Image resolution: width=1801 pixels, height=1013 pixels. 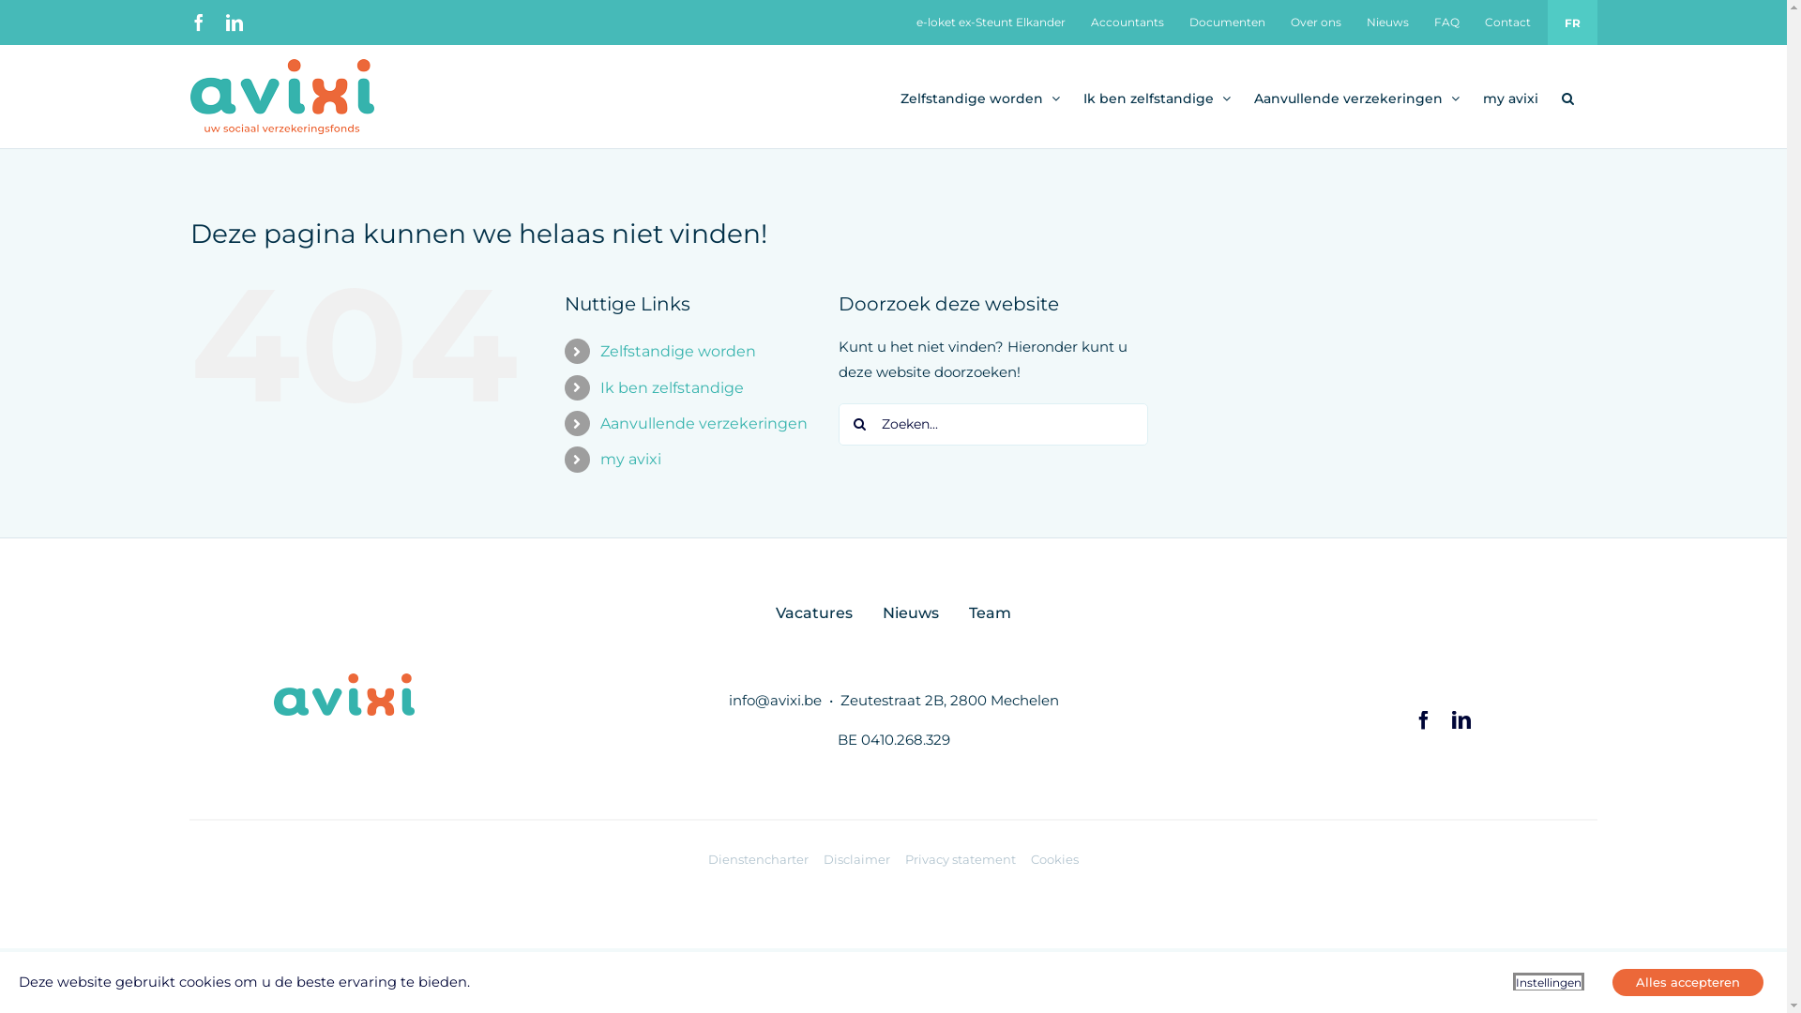 What do you see at coordinates (598, 423) in the screenshot?
I see `'Aanvullende verzekeringen'` at bounding box center [598, 423].